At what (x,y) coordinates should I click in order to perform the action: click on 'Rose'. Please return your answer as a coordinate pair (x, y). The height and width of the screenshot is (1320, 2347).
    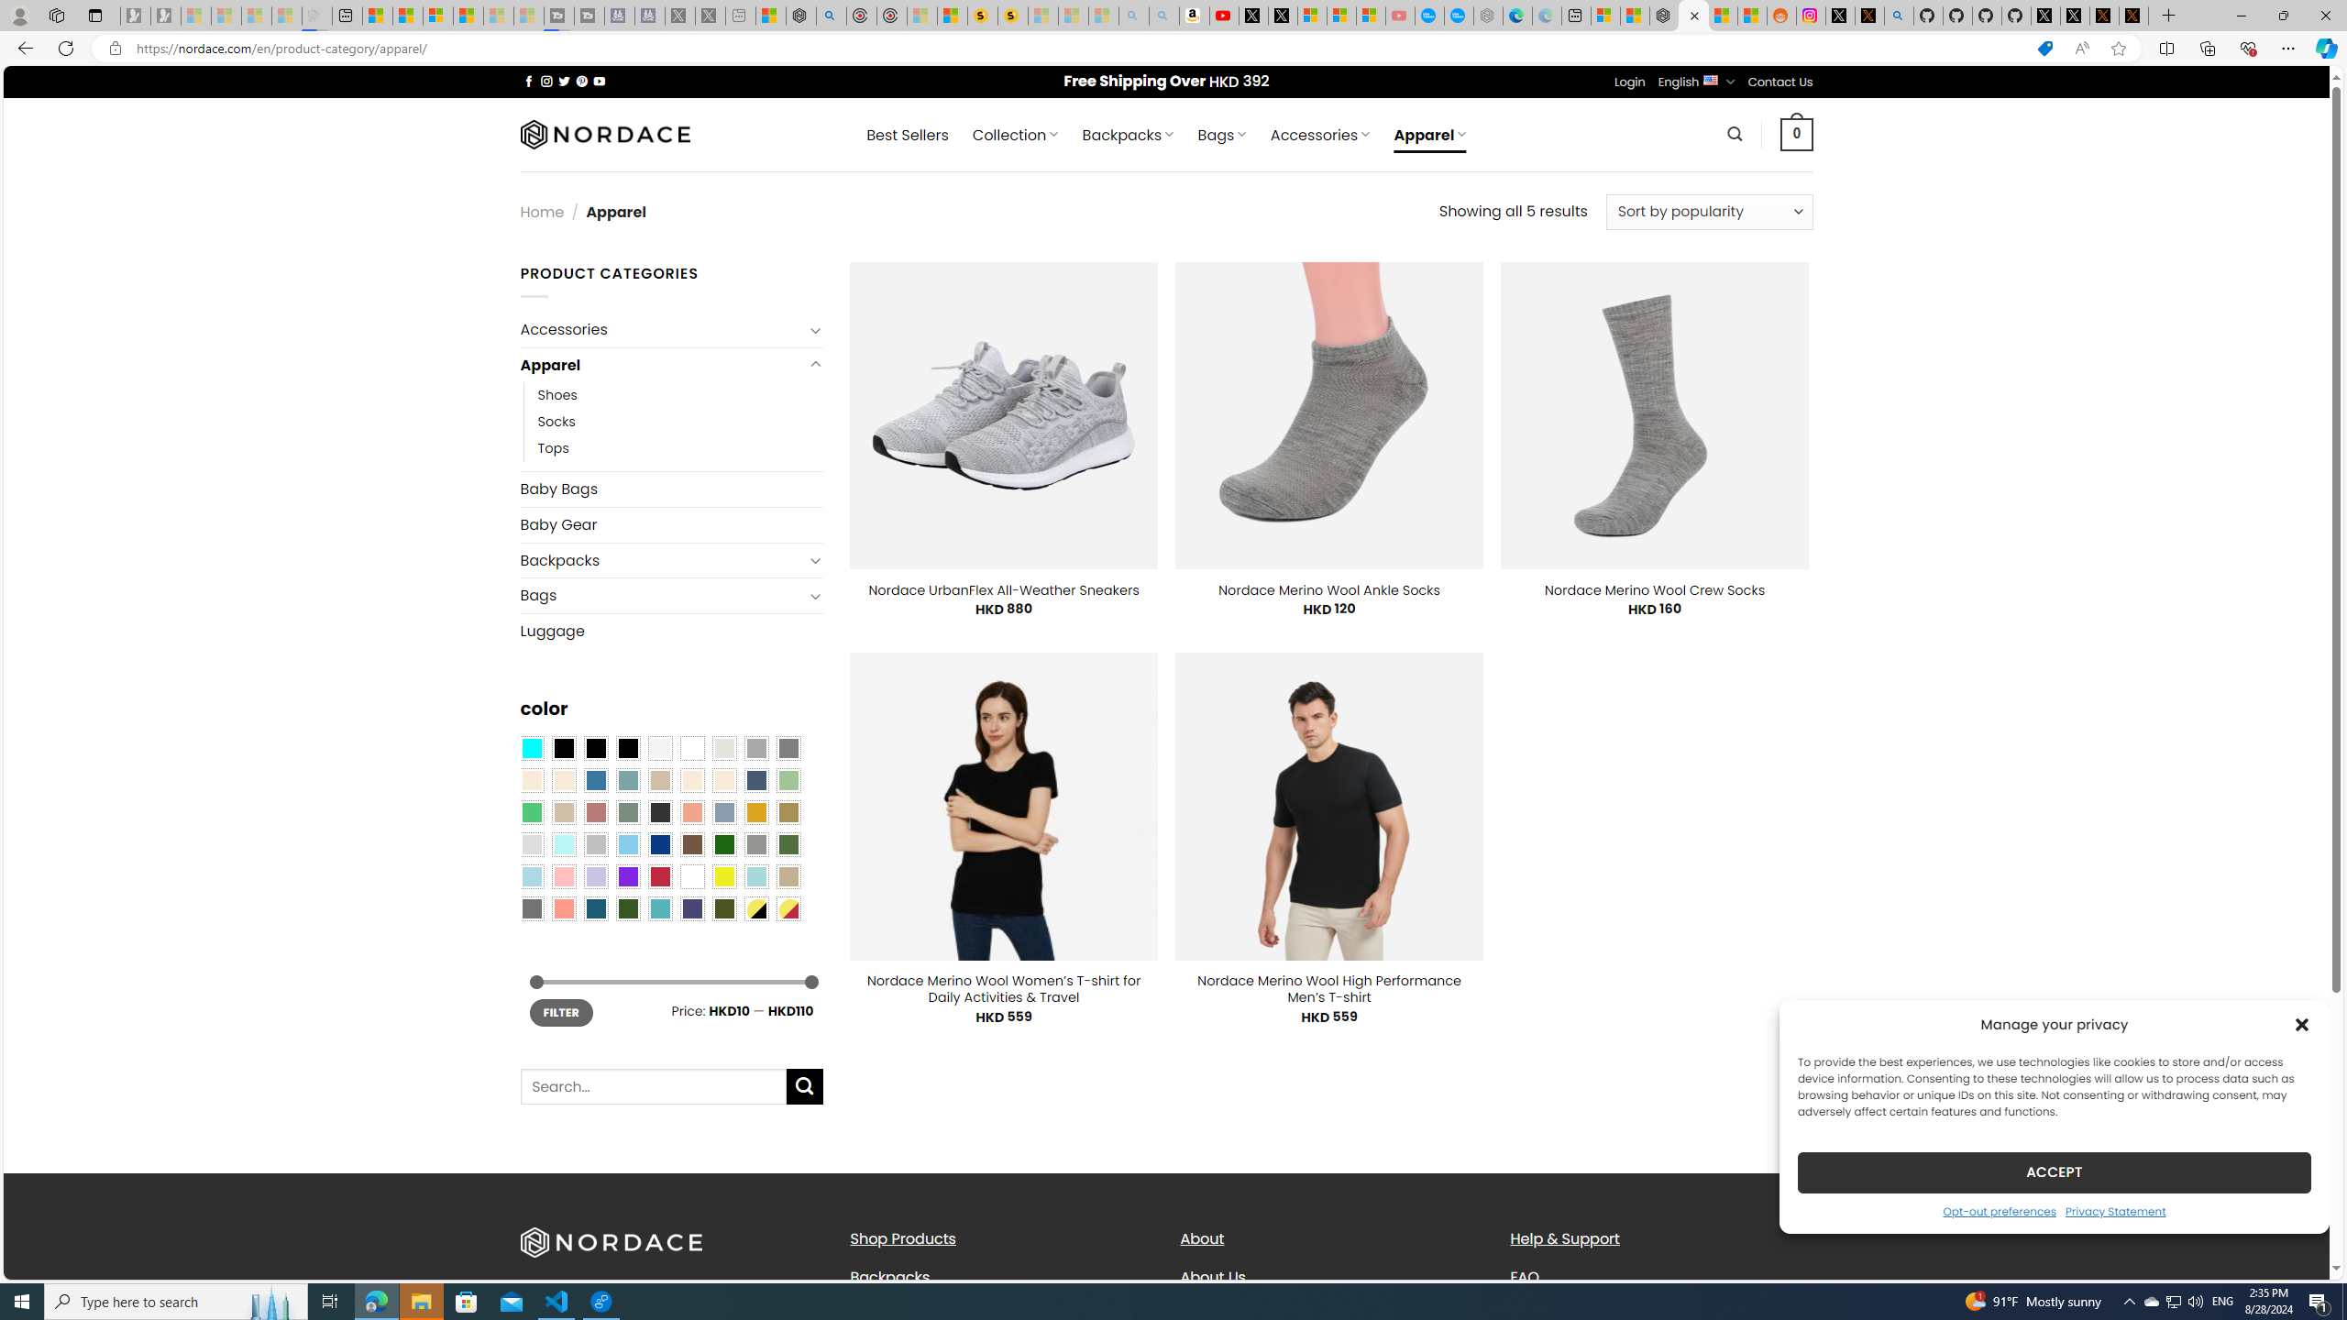
    Looking at the image, I should click on (595, 810).